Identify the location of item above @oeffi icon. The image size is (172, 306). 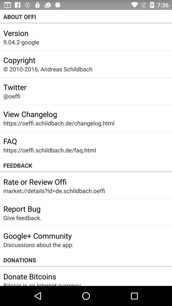
(15, 87).